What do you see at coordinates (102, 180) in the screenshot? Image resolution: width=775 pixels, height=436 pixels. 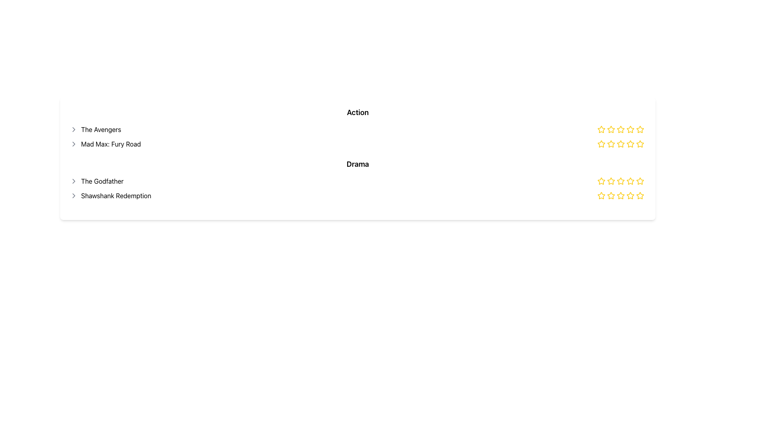 I see `the text label that reads 'The Godfather'` at bounding box center [102, 180].